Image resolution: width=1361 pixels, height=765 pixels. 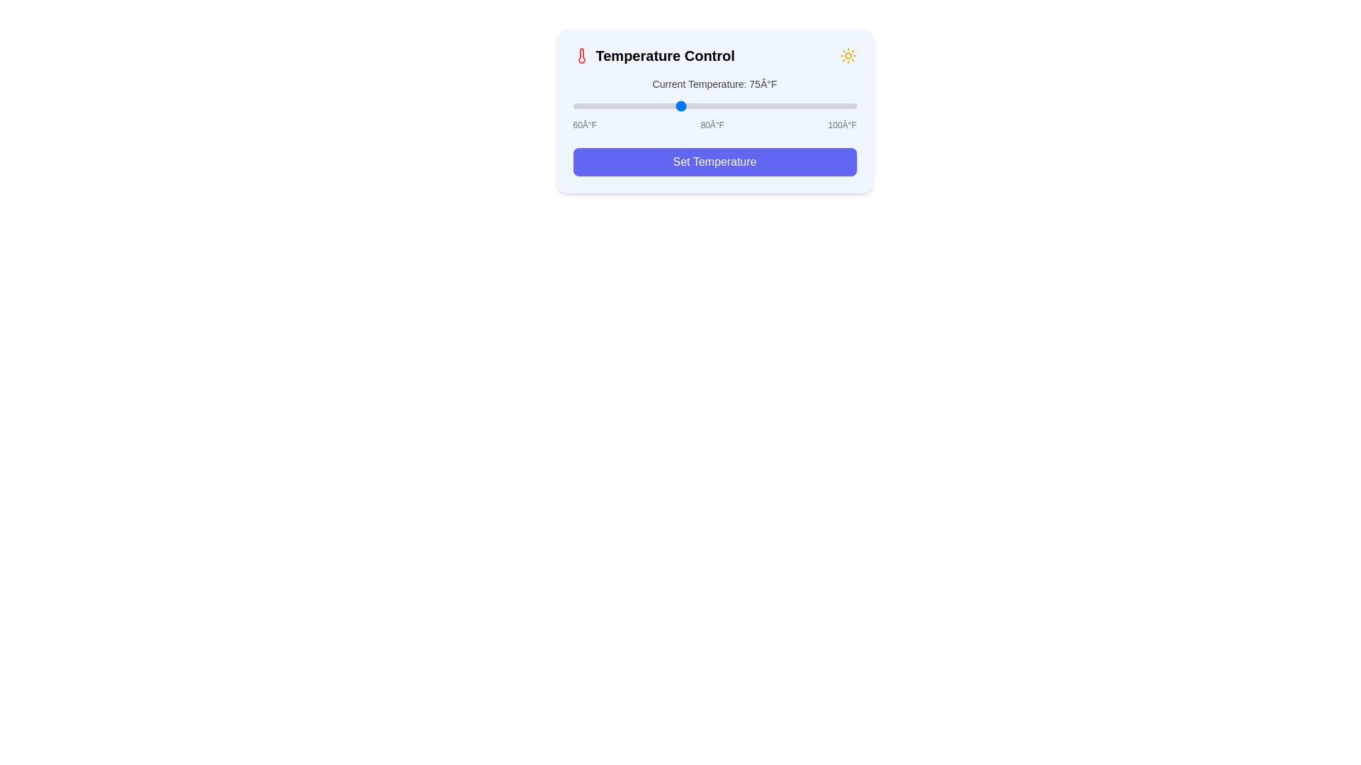 What do you see at coordinates (581, 55) in the screenshot?
I see `the small red thermometer icon located on the temperature control panel, situated to the left of the 'Temperature Control' title` at bounding box center [581, 55].